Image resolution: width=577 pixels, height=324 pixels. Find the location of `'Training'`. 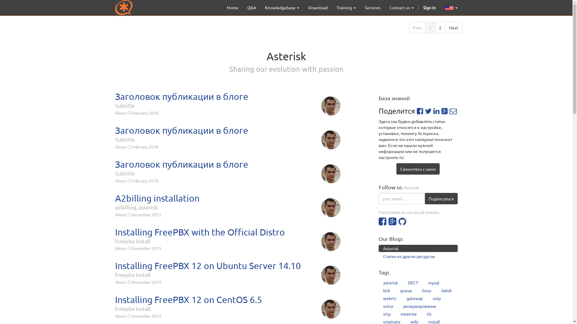

'Training' is located at coordinates (346, 7).